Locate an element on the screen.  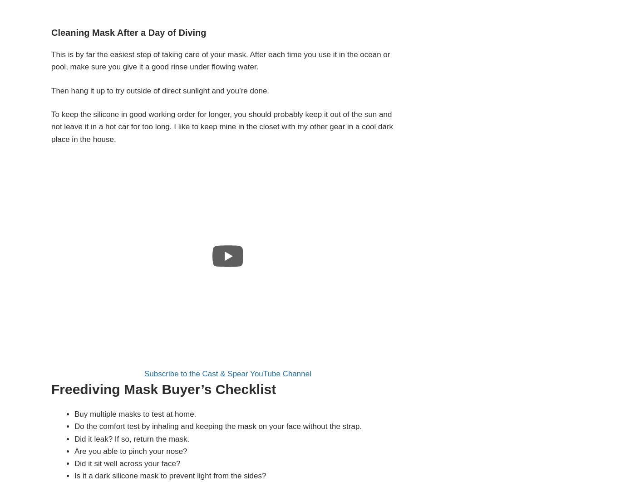
'Are you able to pinch your nose?' is located at coordinates (130, 450).